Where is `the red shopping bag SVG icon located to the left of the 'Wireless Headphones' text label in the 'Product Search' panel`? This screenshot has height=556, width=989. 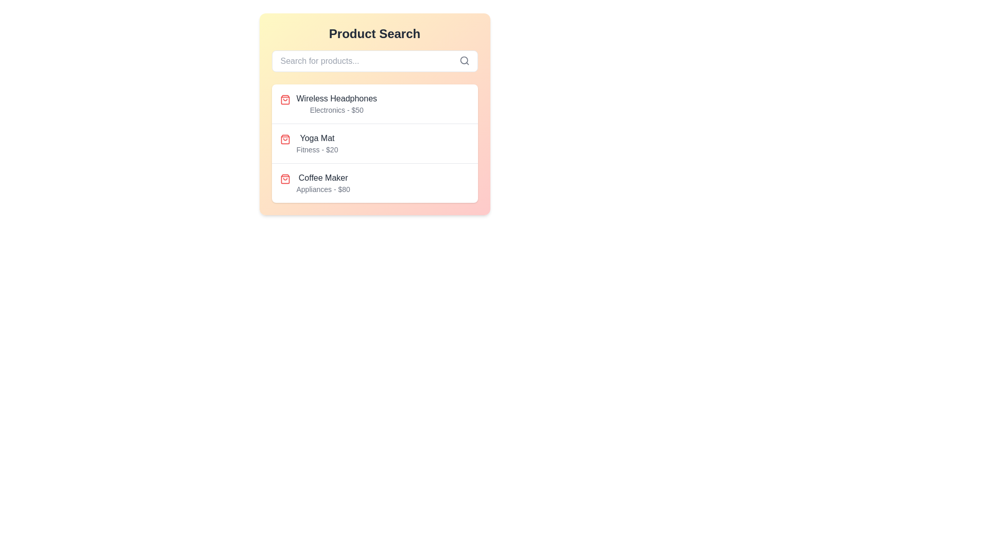
the red shopping bag SVG icon located to the left of the 'Wireless Headphones' text label in the 'Product Search' panel is located at coordinates (285, 99).